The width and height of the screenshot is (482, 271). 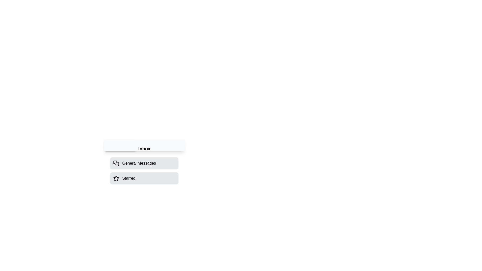 What do you see at coordinates (144, 163) in the screenshot?
I see `the 'General Messages' option` at bounding box center [144, 163].